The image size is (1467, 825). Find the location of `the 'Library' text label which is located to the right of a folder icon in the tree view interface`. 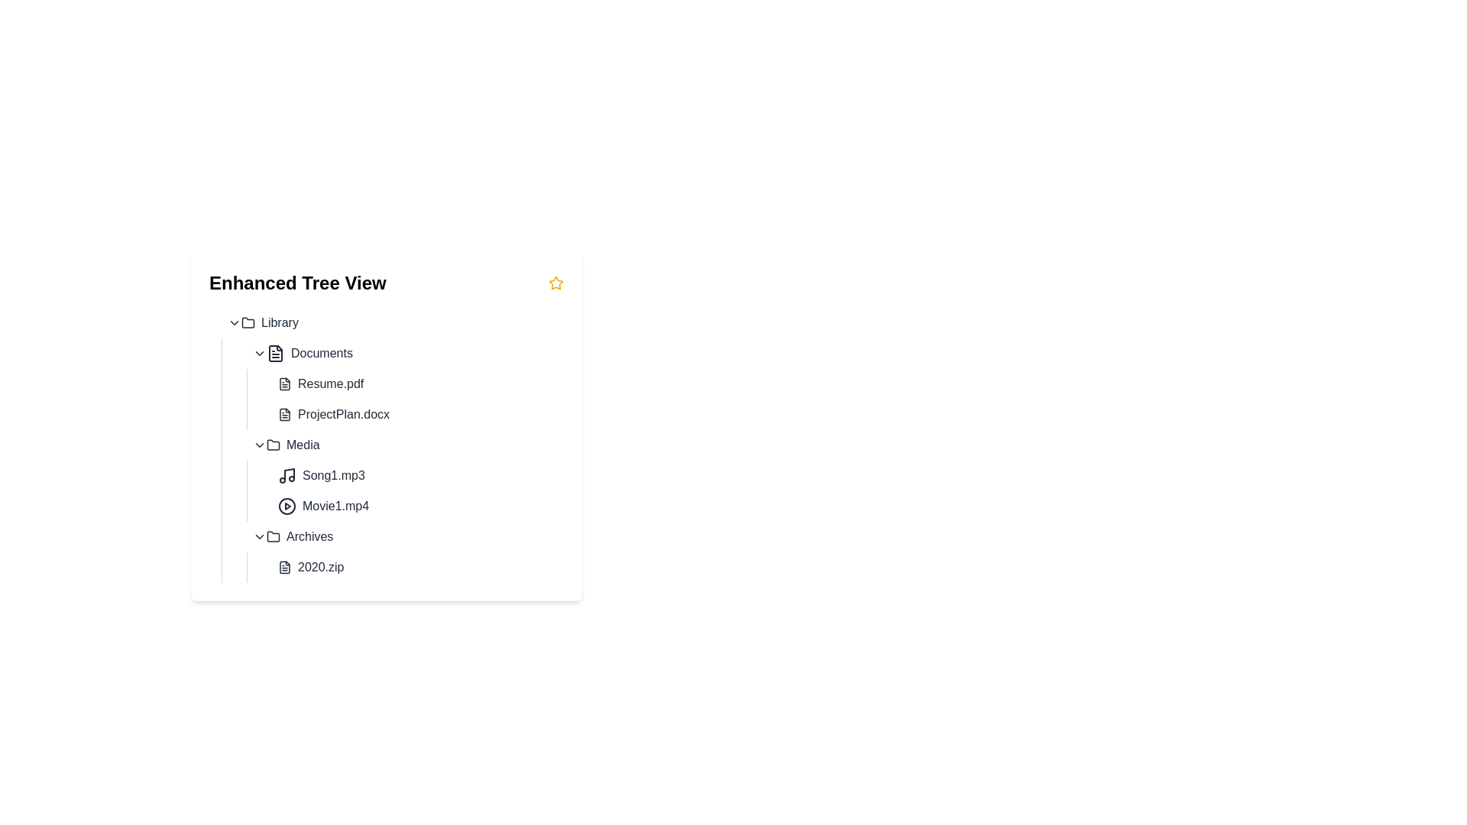

the 'Library' text label which is located to the right of a folder icon in the tree view interface is located at coordinates (280, 322).